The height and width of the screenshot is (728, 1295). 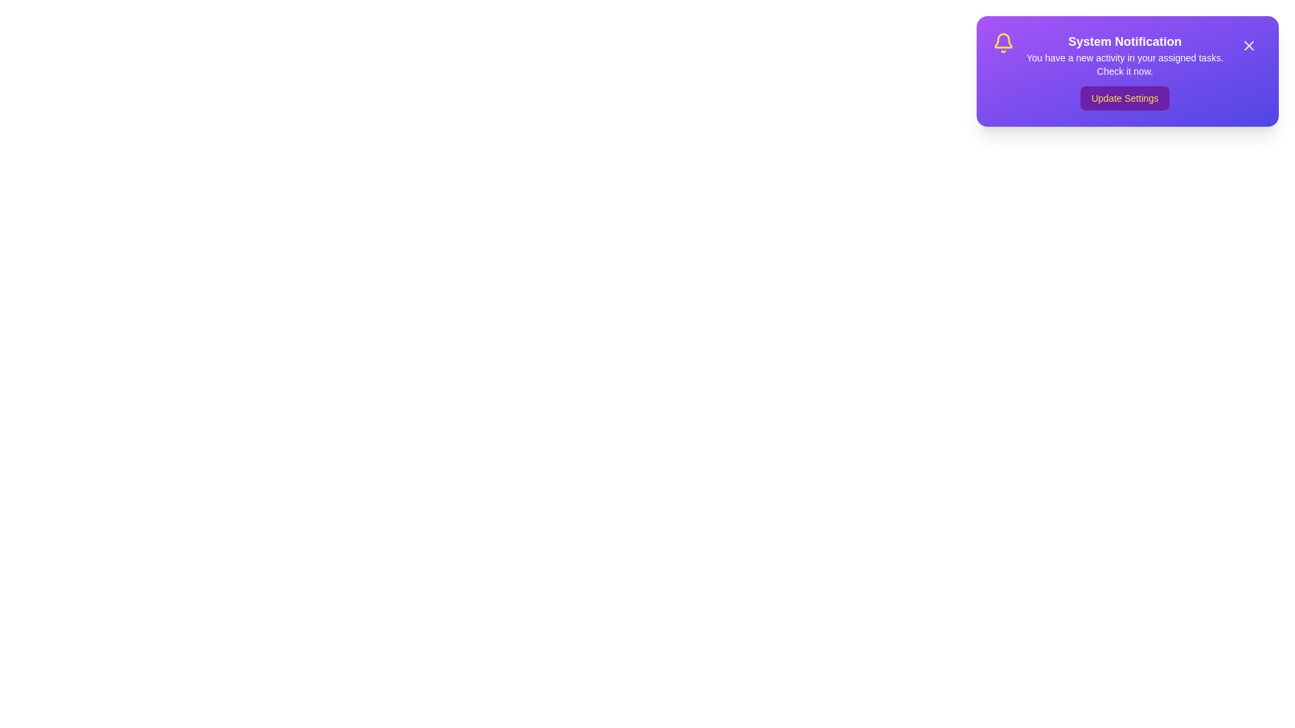 What do you see at coordinates (1125, 98) in the screenshot?
I see `'Update Settings' button to trigger the alert` at bounding box center [1125, 98].